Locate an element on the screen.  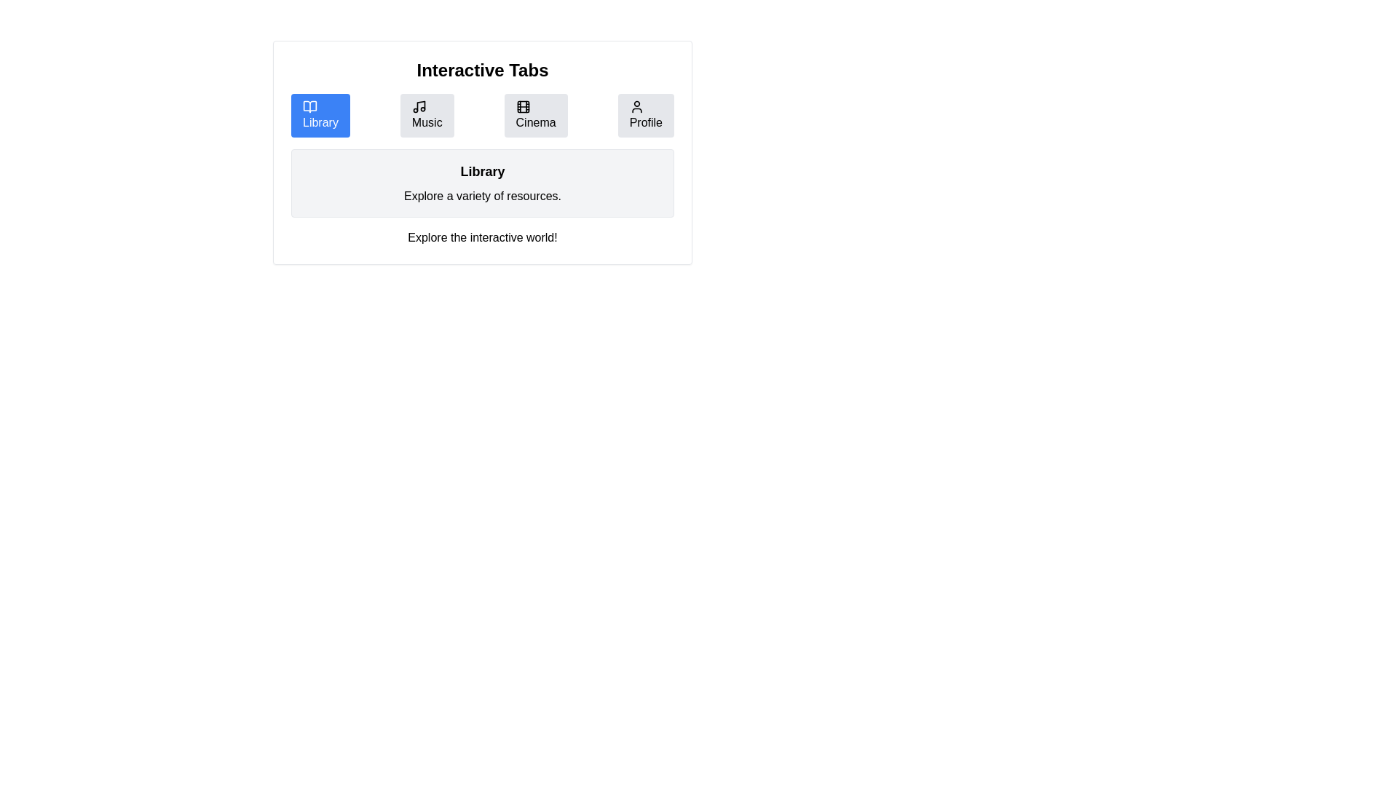
the Library tab to view its content is located at coordinates (320, 114).